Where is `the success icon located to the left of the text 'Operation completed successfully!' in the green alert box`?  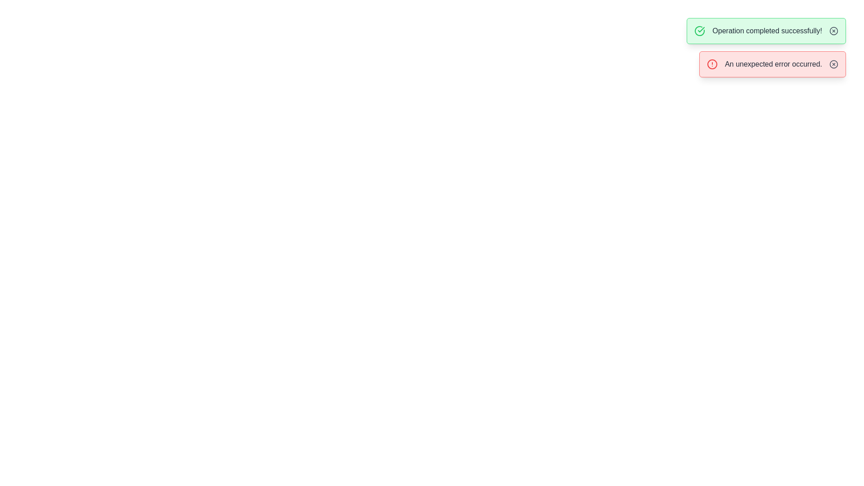
the success icon located to the left of the text 'Operation completed successfully!' in the green alert box is located at coordinates (699, 31).